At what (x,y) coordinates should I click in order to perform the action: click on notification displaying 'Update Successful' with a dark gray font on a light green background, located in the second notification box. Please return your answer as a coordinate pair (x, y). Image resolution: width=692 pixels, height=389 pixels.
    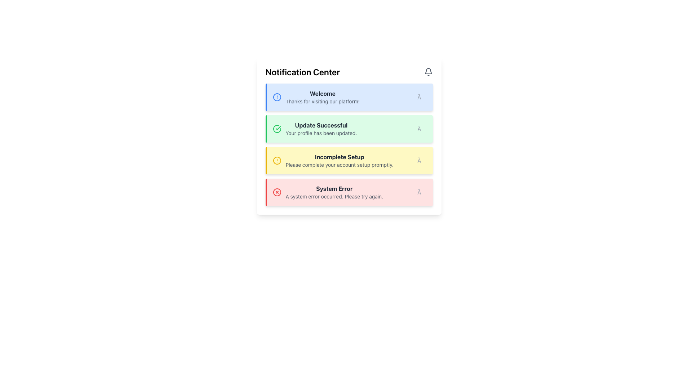
    Looking at the image, I should click on (321, 129).